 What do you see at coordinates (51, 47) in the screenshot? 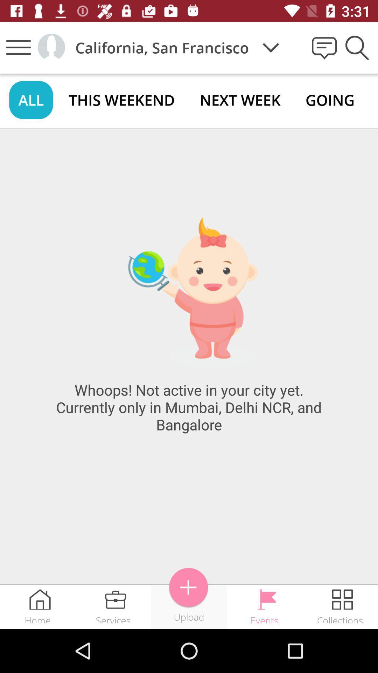
I see `icon to the left of california, san francisco icon` at bounding box center [51, 47].